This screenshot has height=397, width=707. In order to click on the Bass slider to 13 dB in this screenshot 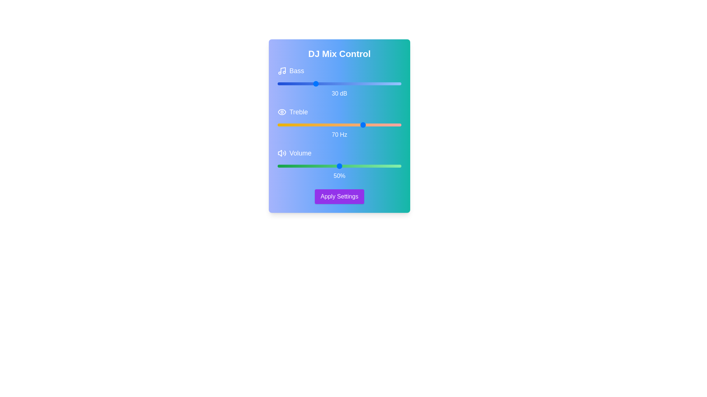, I will do `click(293, 83)`.